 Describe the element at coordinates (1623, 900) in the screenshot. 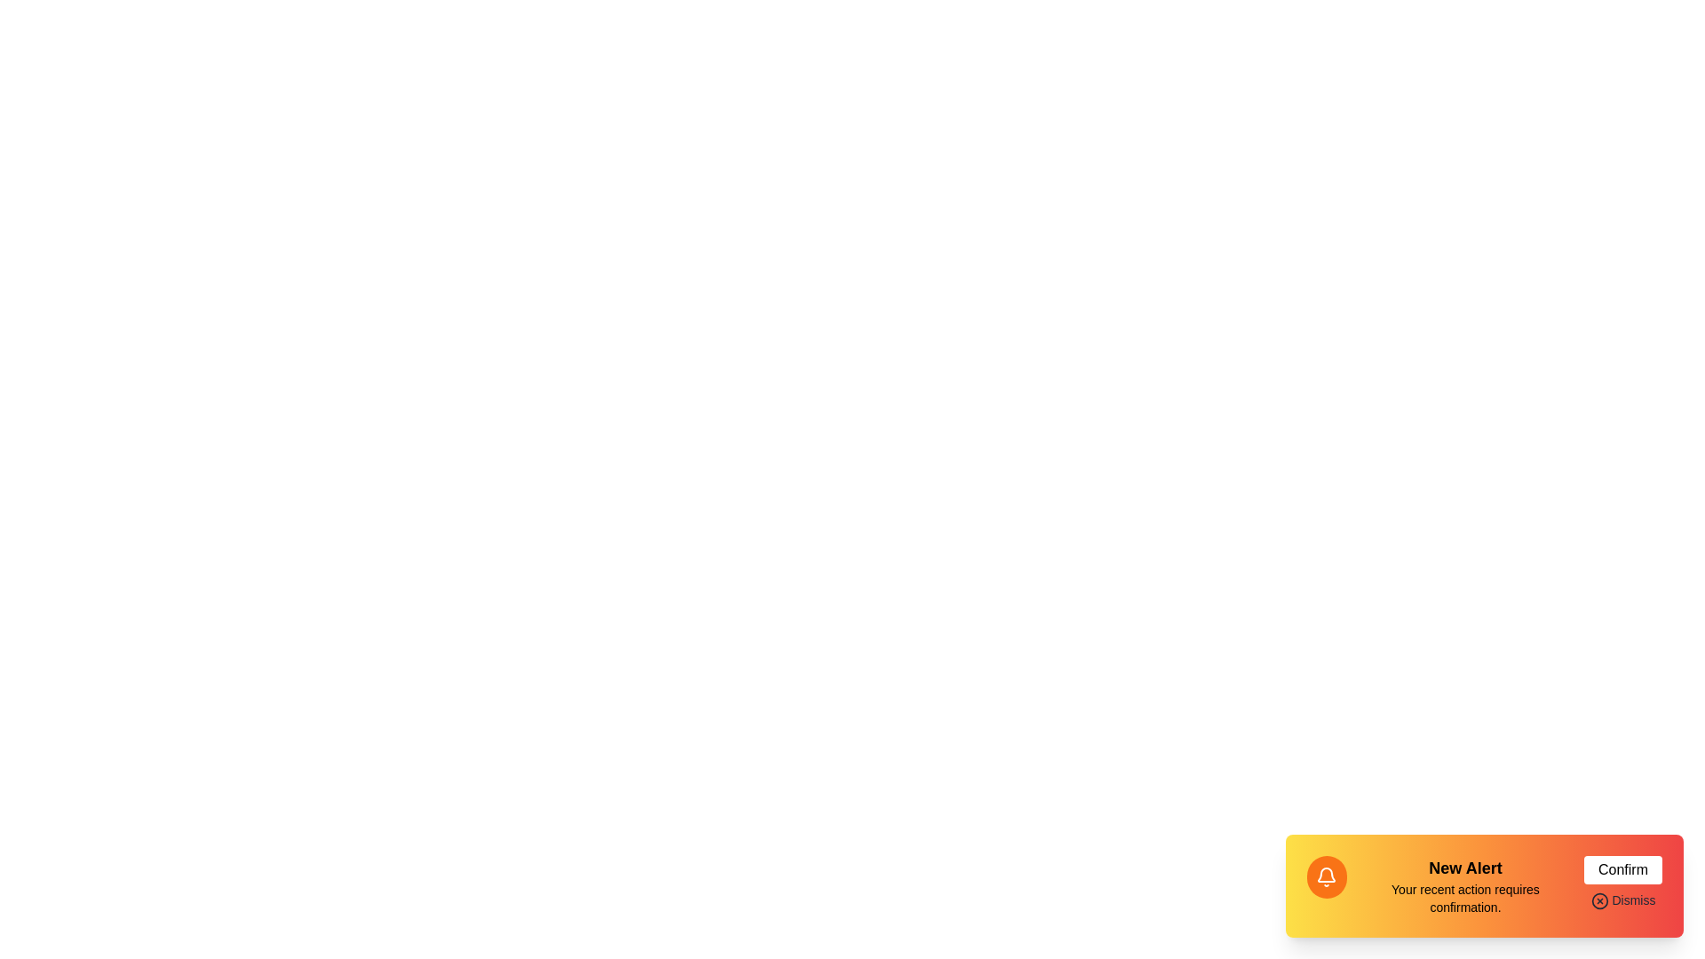

I see `'Dismiss' button to close the alert` at that location.